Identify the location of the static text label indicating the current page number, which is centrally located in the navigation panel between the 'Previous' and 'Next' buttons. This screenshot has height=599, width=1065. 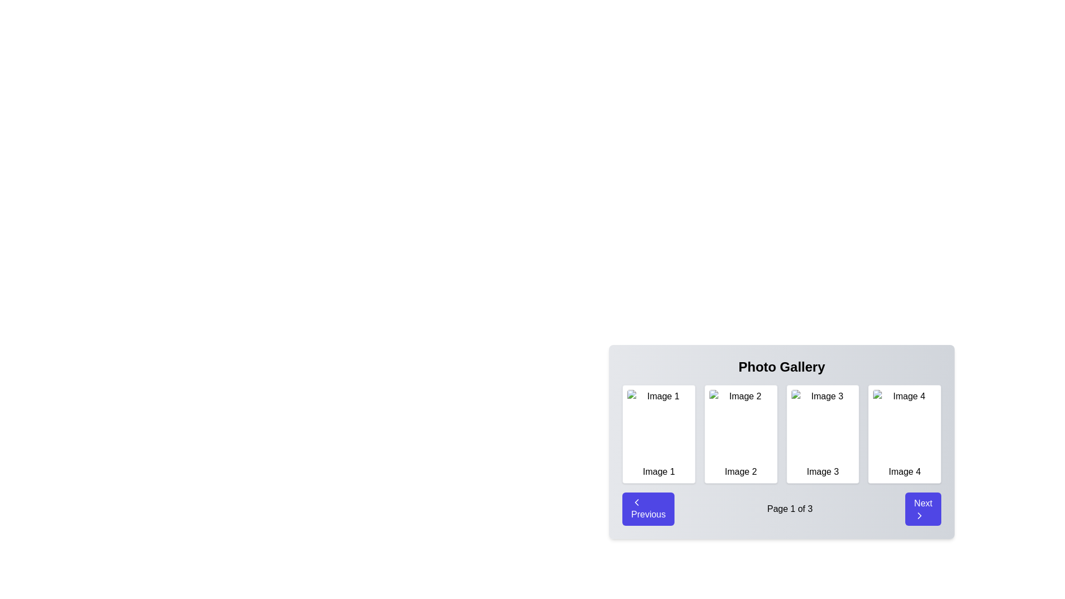
(789, 509).